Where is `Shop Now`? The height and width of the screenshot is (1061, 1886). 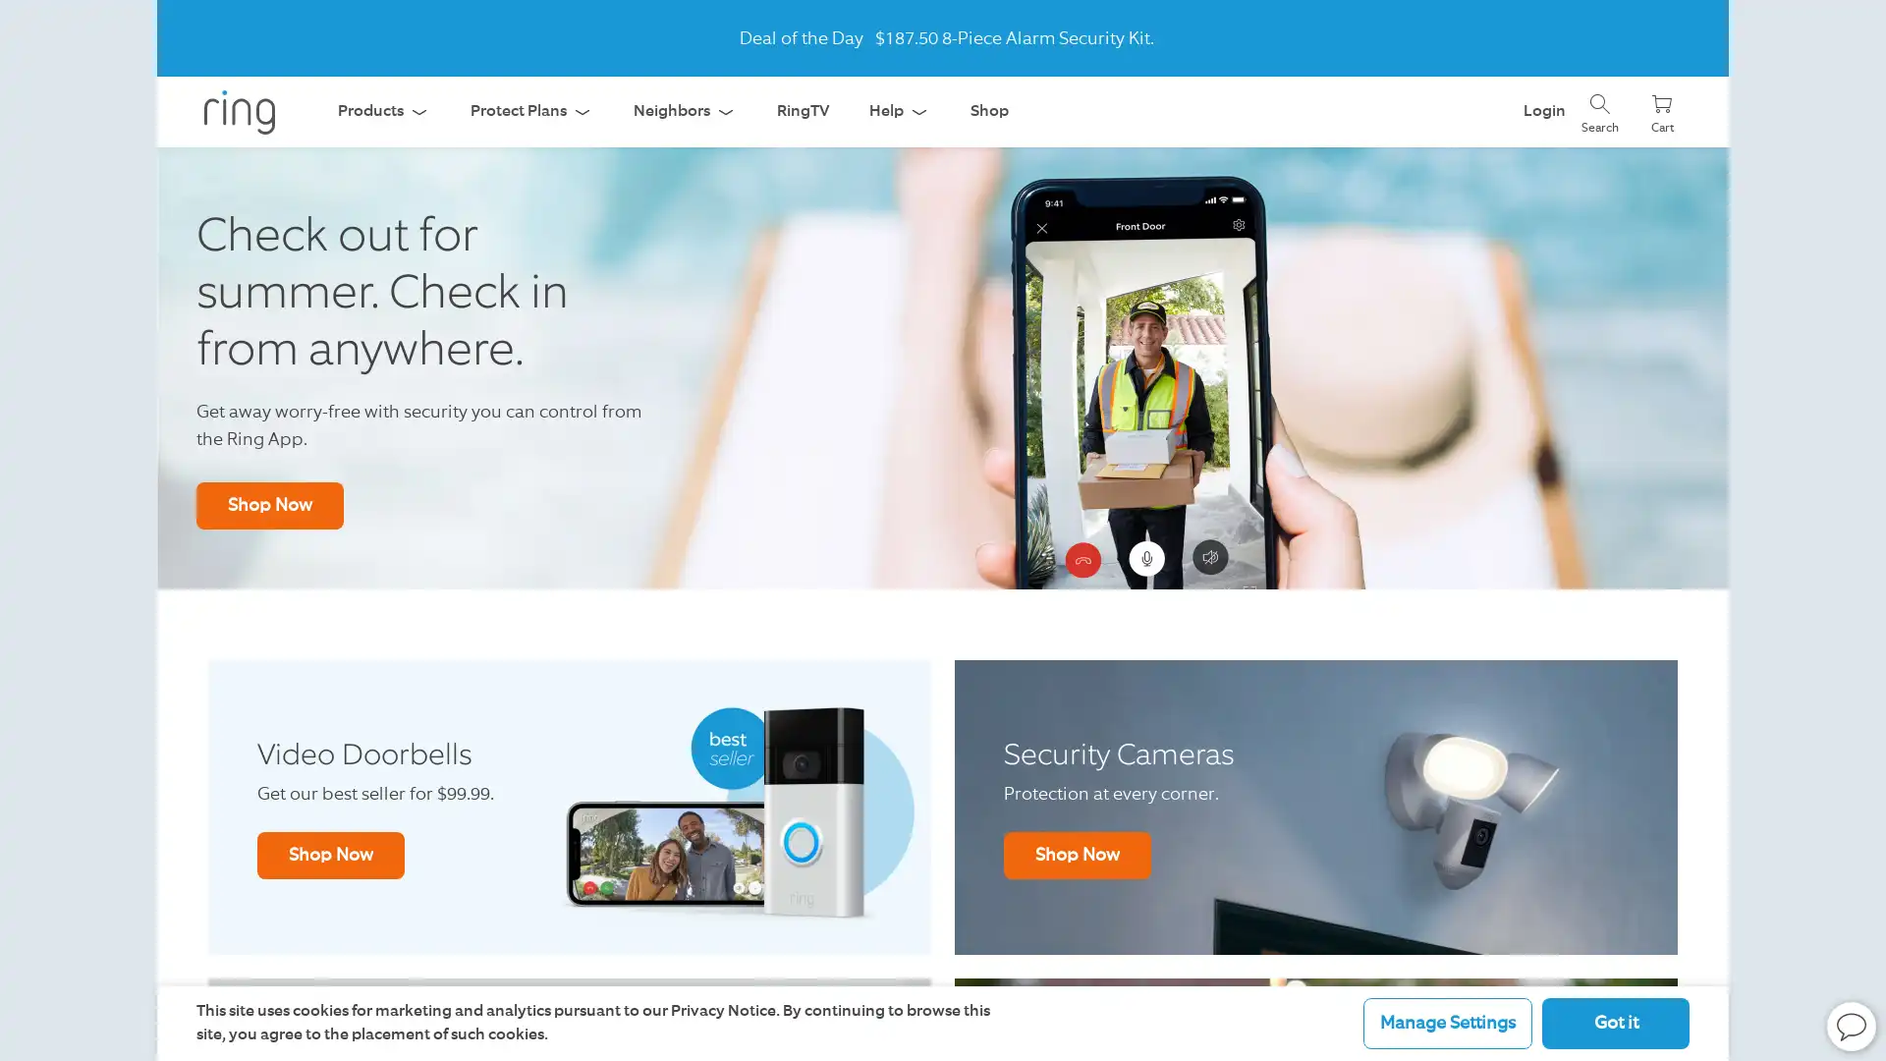 Shop Now is located at coordinates (268, 505).